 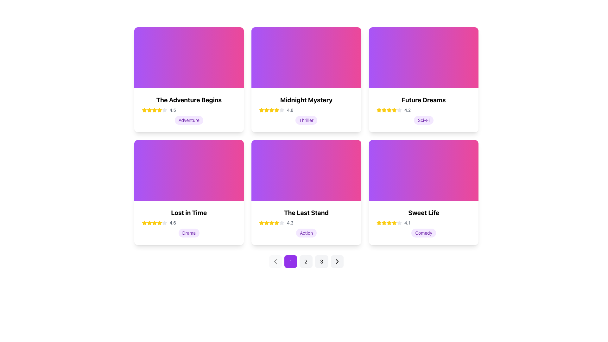 I want to click on the rating represented by the second star icon in the rating system of the 'Lost in Time' movie card, so click(x=149, y=223).